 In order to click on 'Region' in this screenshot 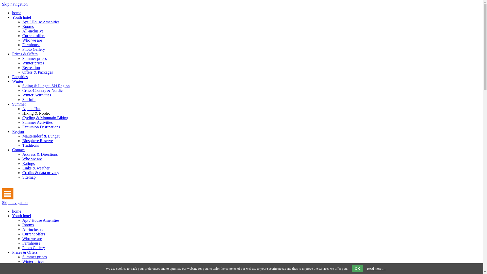, I will do `click(18, 131)`.